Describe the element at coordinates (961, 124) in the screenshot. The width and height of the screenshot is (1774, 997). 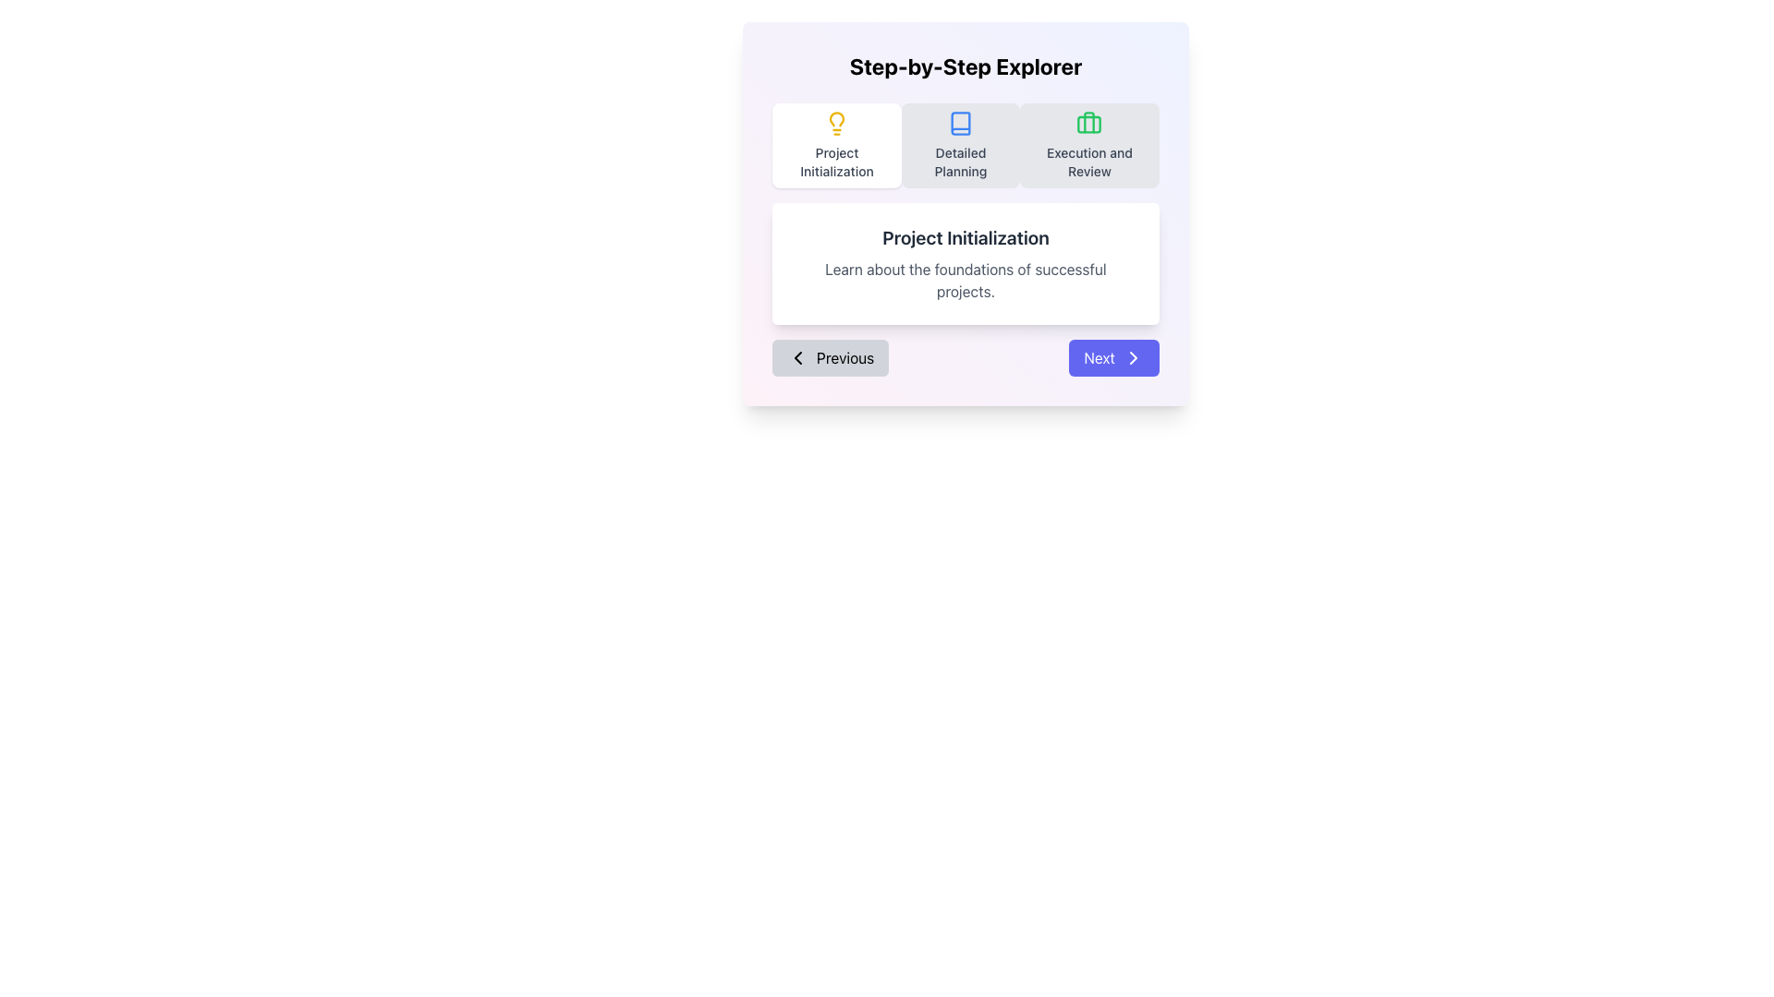
I see `the icon representing the 'Detailed Planning' feature, located above the corresponding text label of the button` at that location.